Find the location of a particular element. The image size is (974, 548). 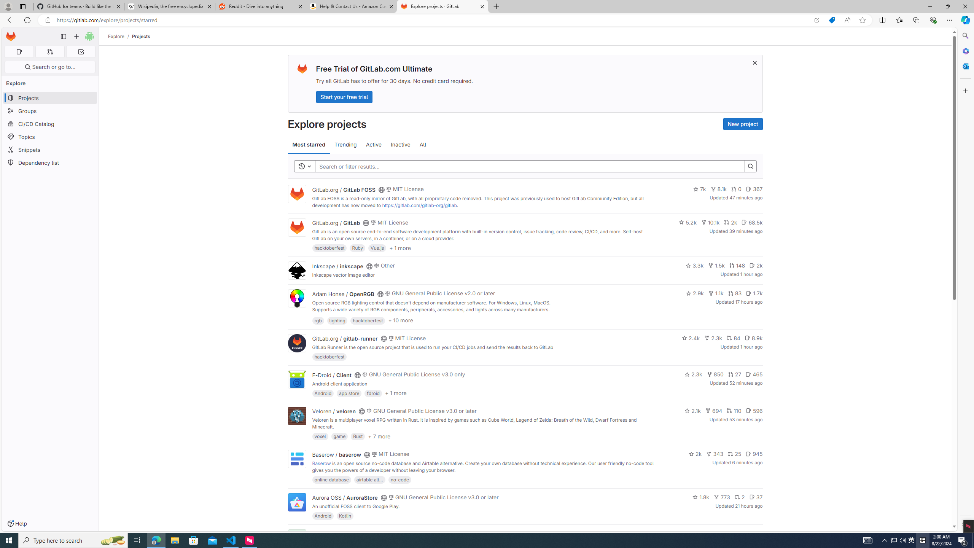

'Rust' is located at coordinates (358, 436).